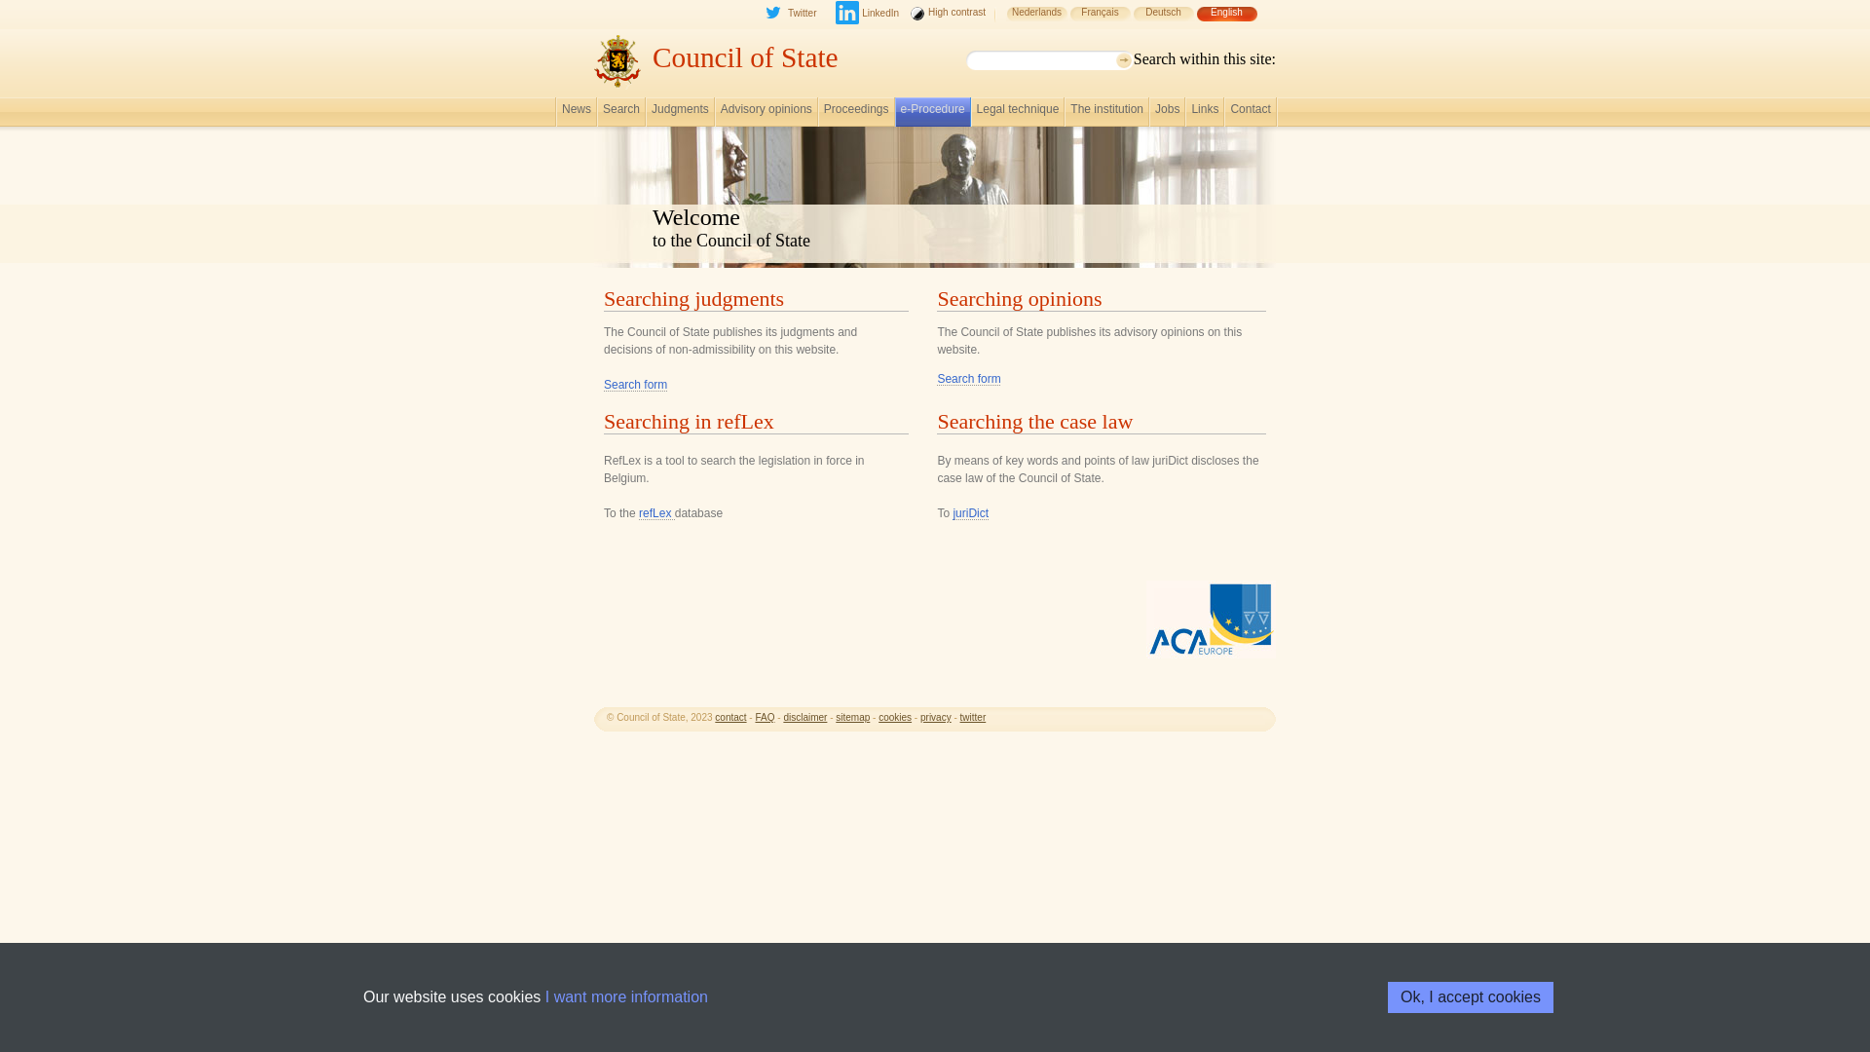  I want to click on 'Nederlands', so click(1005, 21).